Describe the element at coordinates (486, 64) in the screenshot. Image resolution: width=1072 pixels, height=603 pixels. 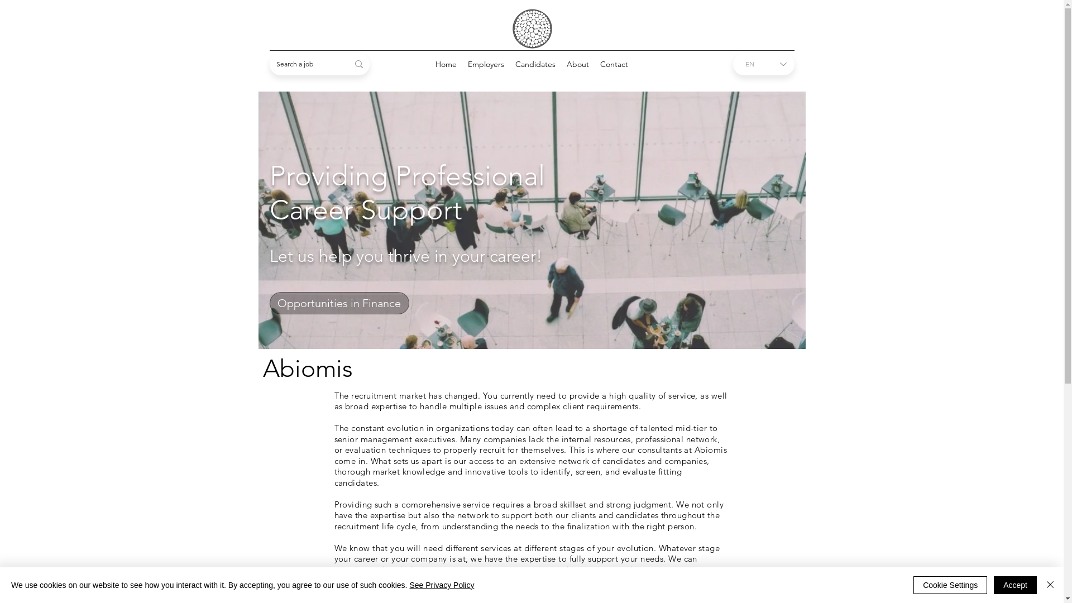
I see `'Employers'` at that location.